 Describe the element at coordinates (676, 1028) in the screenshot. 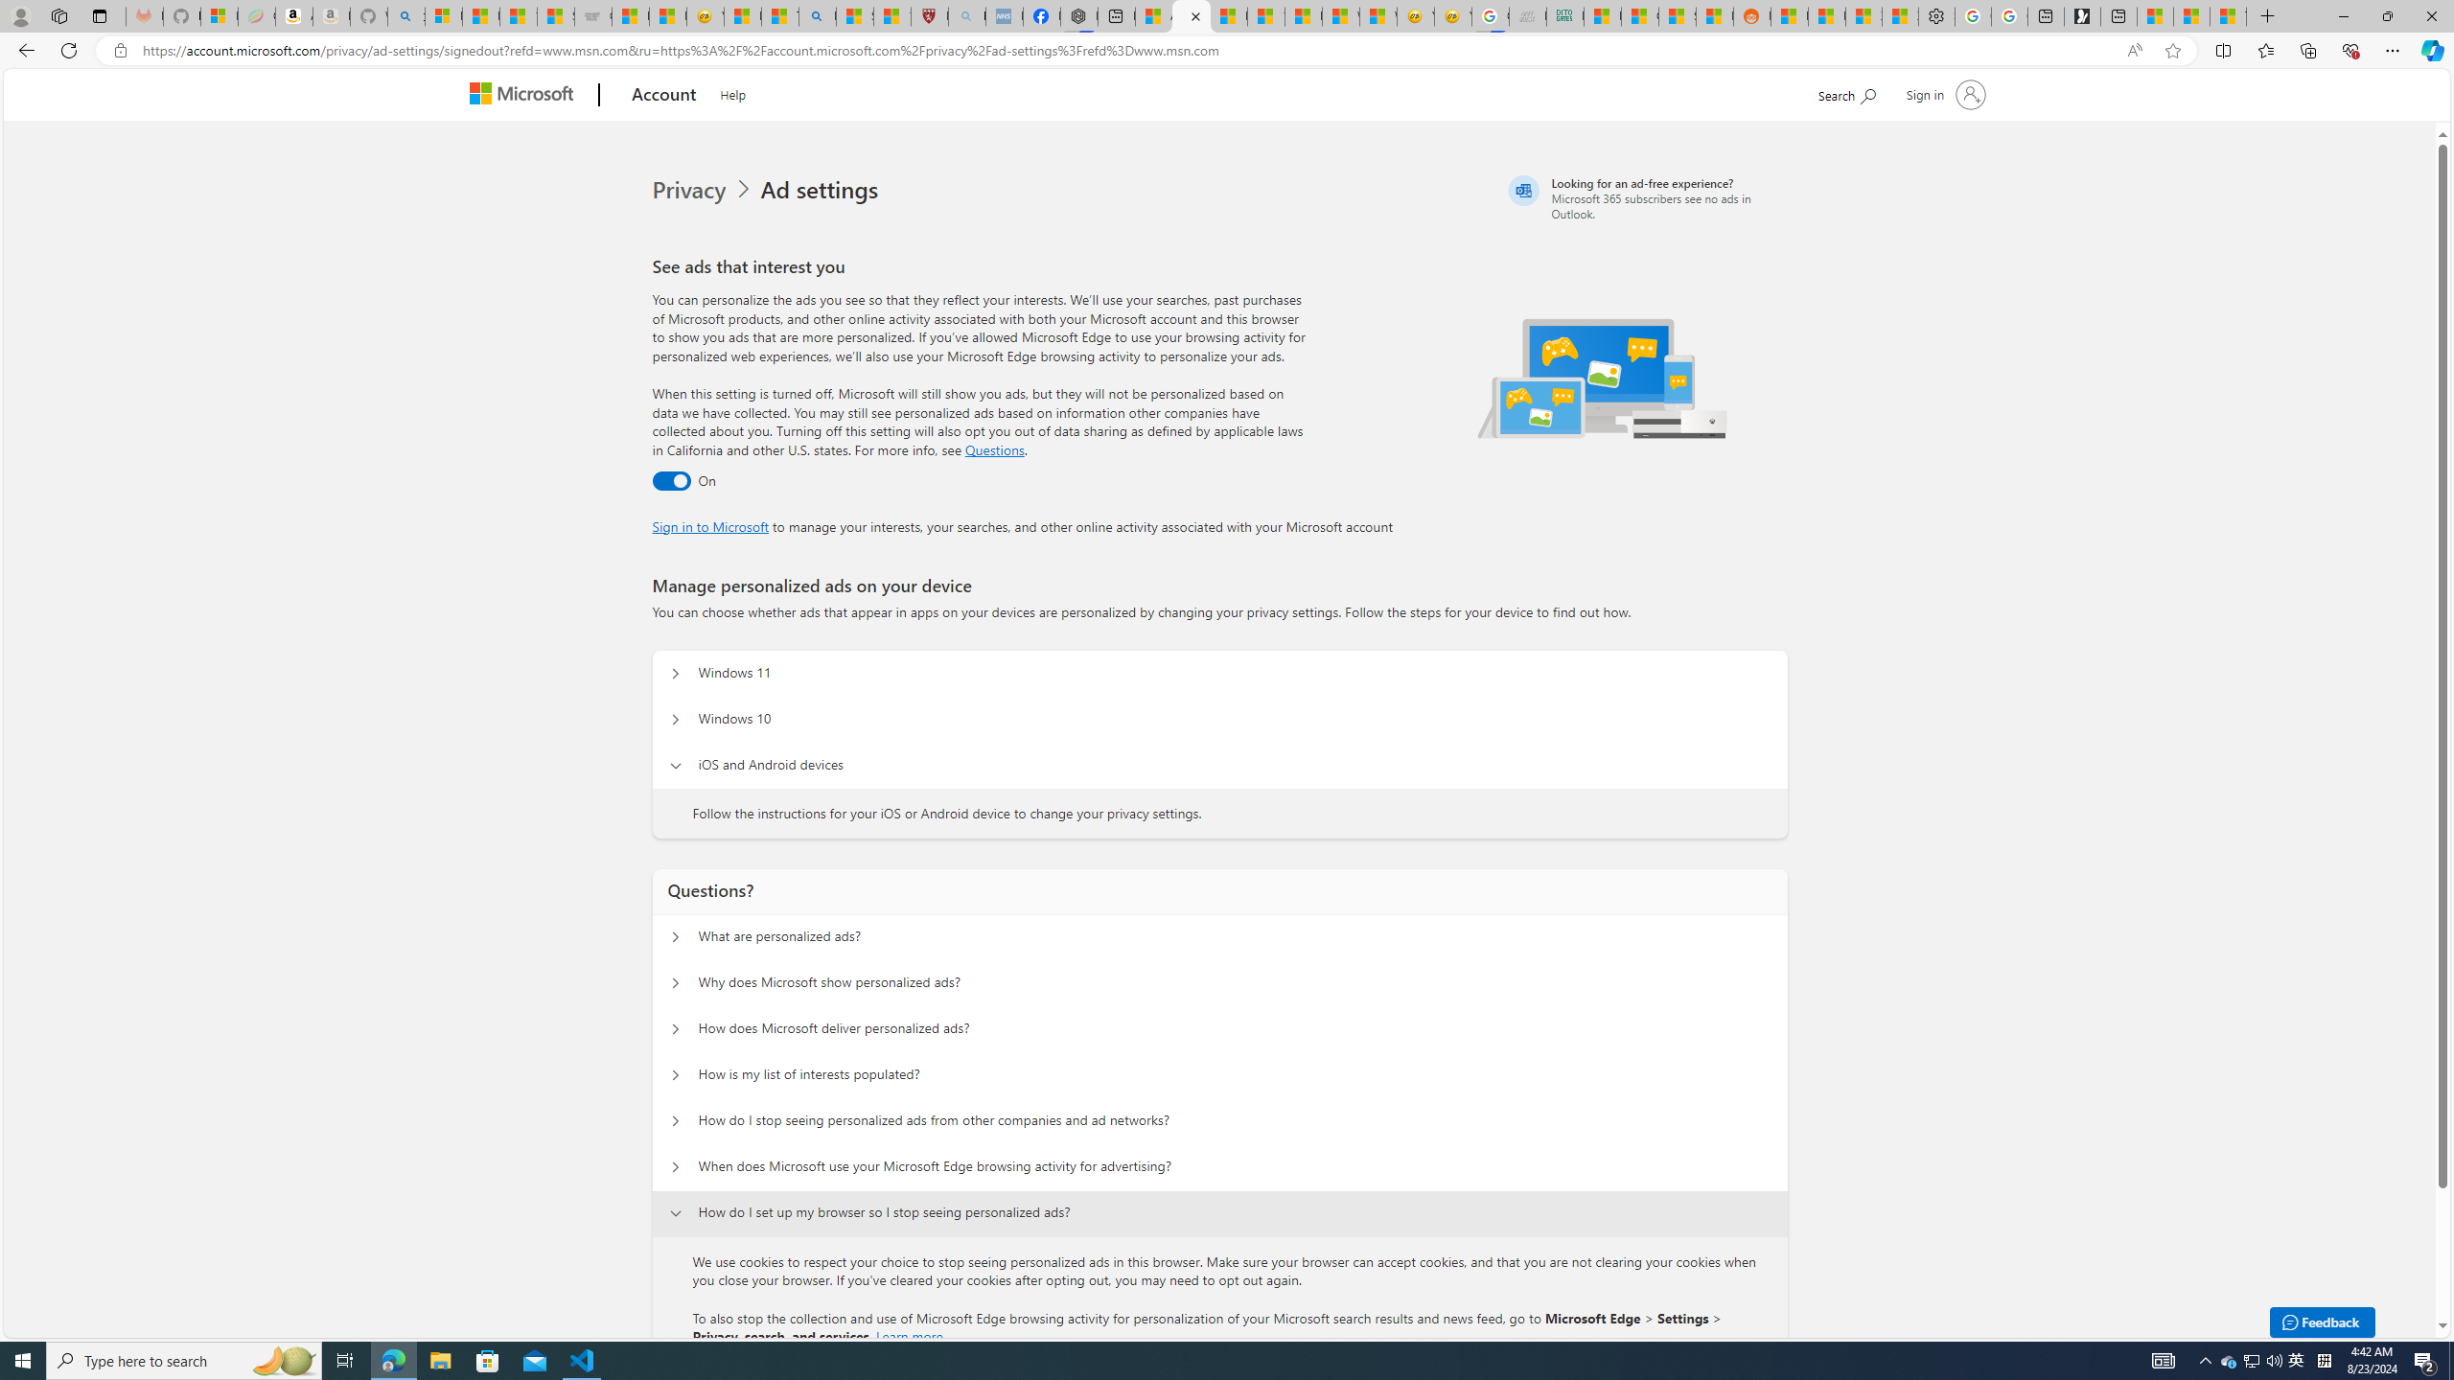

I see `'Questions? How does Microsoft deliver personalized ads?'` at that location.